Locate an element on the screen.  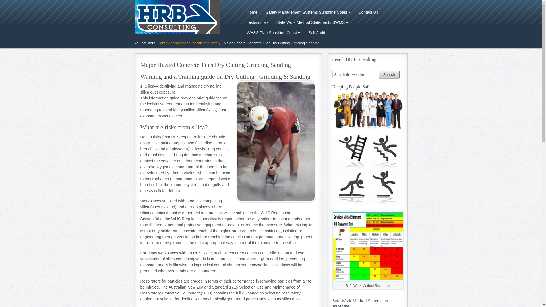
'Safe Work Method Statements SWMS' is located at coordinates (273, 22).